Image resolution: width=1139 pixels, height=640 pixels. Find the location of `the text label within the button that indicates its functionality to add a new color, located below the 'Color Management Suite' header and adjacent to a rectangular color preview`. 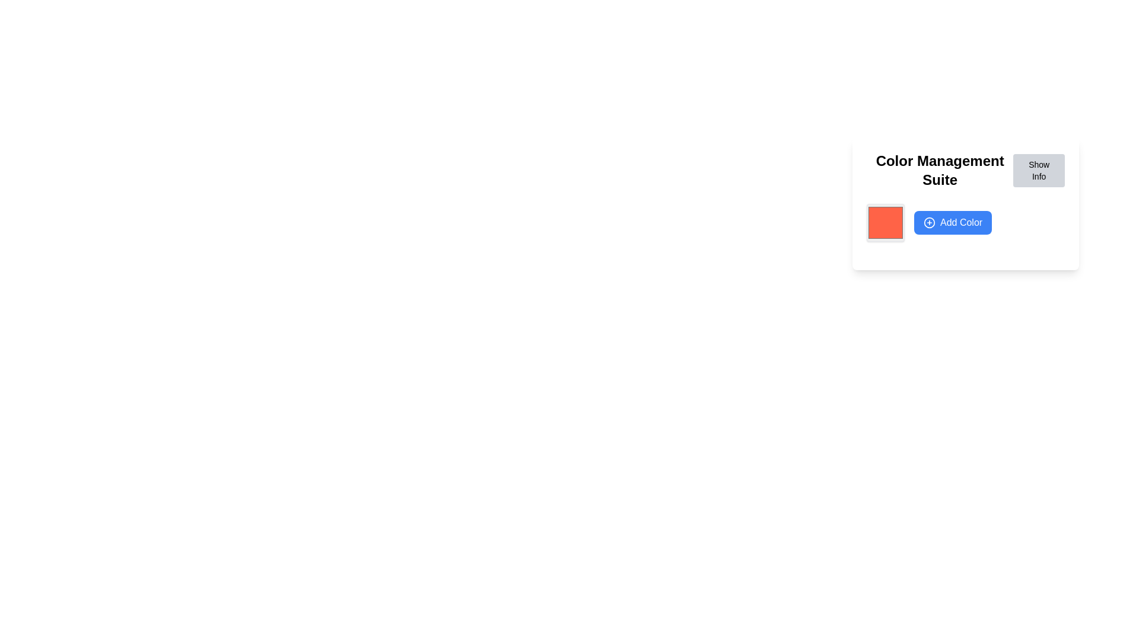

the text label within the button that indicates its functionality to add a new color, located below the 'Color Management Suite' header and adjacent to a rectangular color preview is located at coordinates (961, 222).